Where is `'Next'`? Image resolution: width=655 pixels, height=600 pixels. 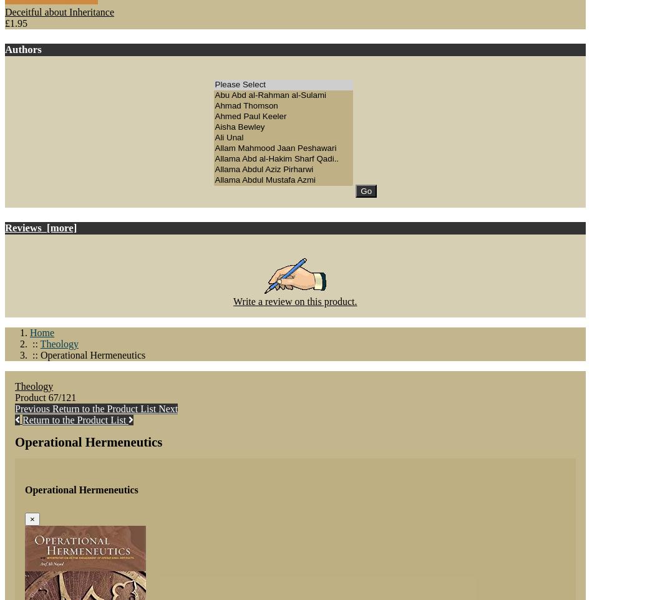
'Next' is located at coordinates (167, 408).